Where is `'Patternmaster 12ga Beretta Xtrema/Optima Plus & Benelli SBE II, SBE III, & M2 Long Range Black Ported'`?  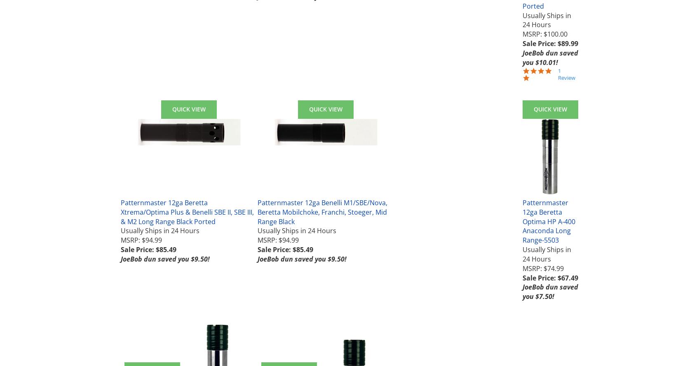
'Patternmaster 12ga Beretta Xtrema/Optima Plus & Benelli SBE II, SBE III, & M2 Long Range Black Ported' is located at coordinates (187, 212).